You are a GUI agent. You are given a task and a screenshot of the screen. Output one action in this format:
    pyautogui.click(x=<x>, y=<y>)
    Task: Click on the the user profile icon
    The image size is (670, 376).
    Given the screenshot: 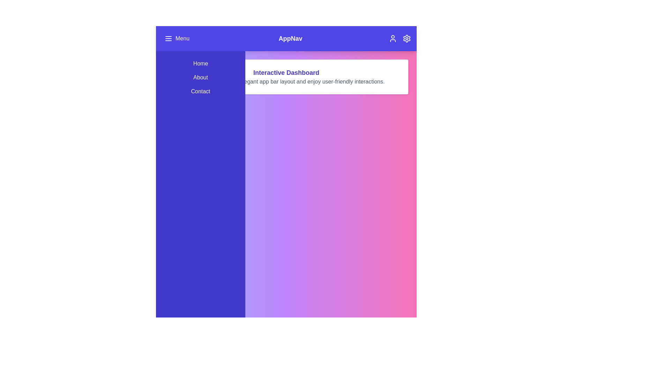 What is the action you would take?
    pyautogui.click(x=393, y=39)
    